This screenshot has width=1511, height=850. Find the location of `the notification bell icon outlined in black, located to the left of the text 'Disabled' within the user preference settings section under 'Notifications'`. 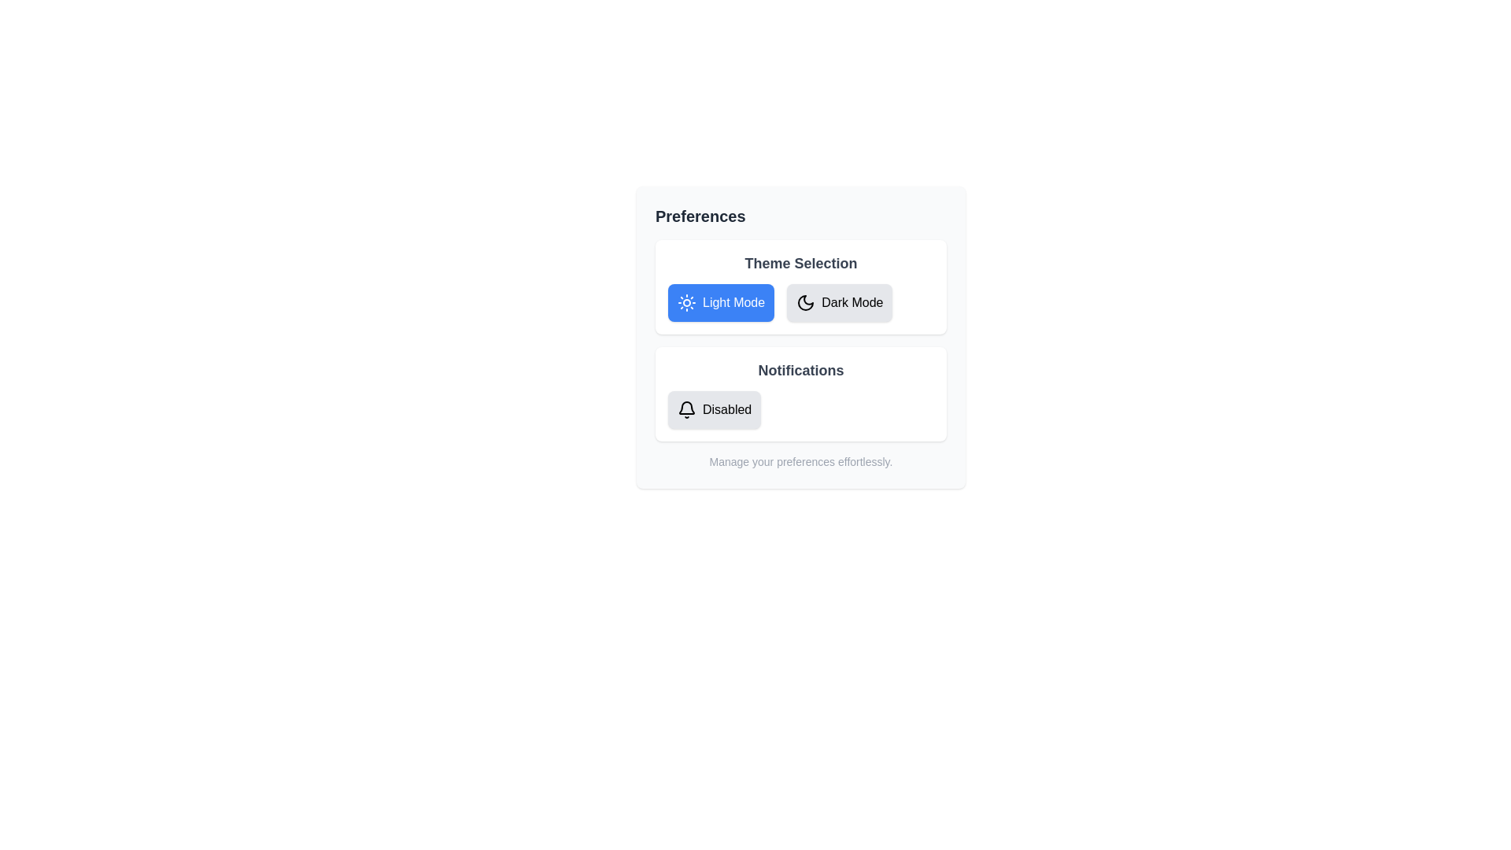

the notification bell icon outlined in black, located to the left of the text 'Disabled' within the user preference settings section under 'Notifications' is located at coordinates (687, 408).